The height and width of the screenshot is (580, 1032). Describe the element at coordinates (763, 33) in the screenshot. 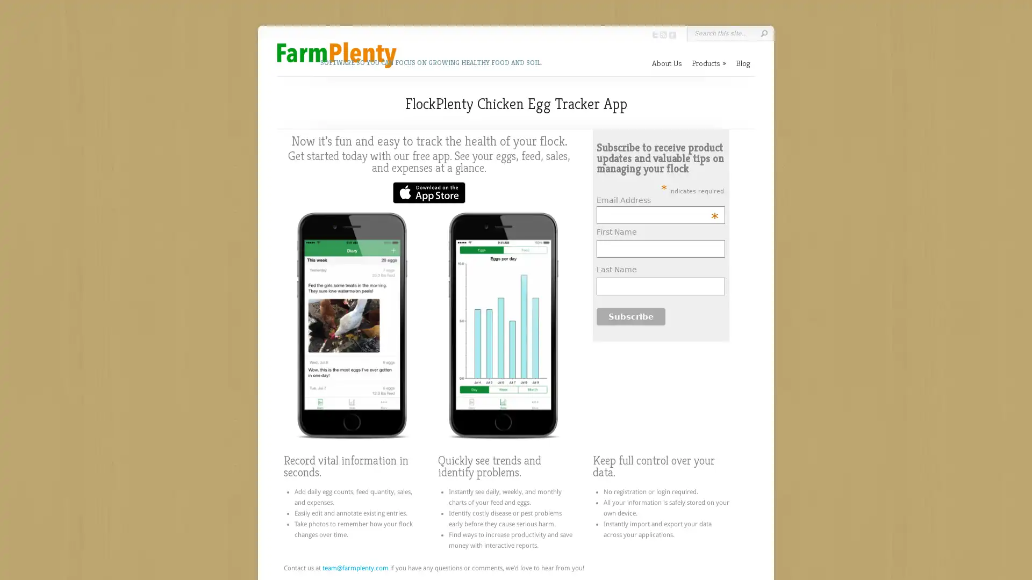

I see `Submit` at that location.